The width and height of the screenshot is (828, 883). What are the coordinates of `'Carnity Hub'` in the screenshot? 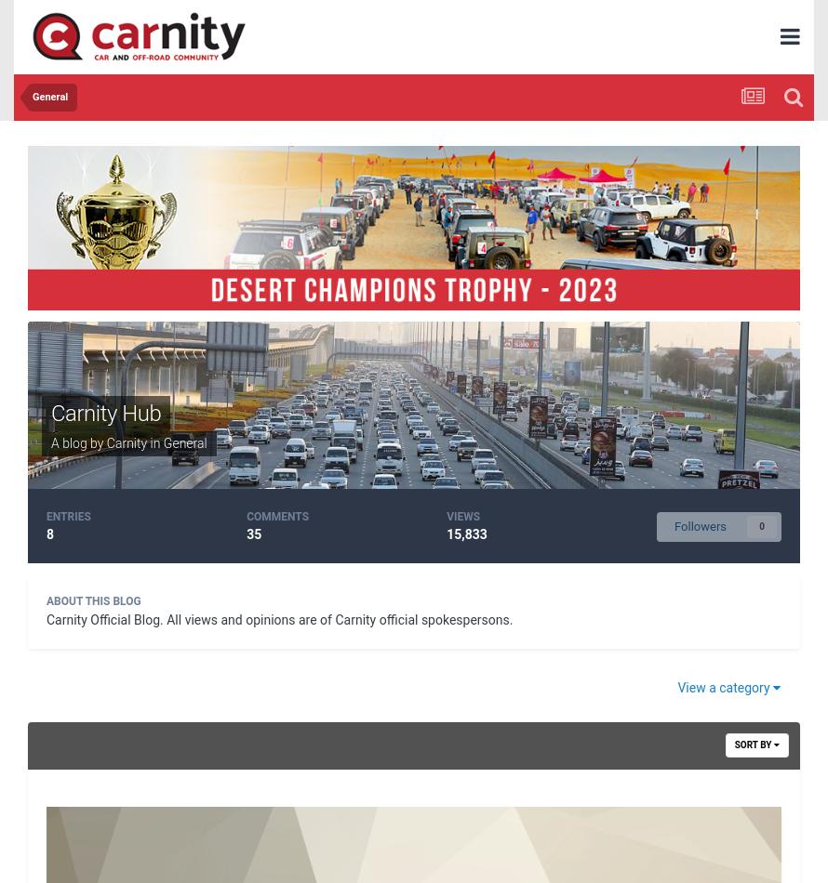 It's located at (51, 412).